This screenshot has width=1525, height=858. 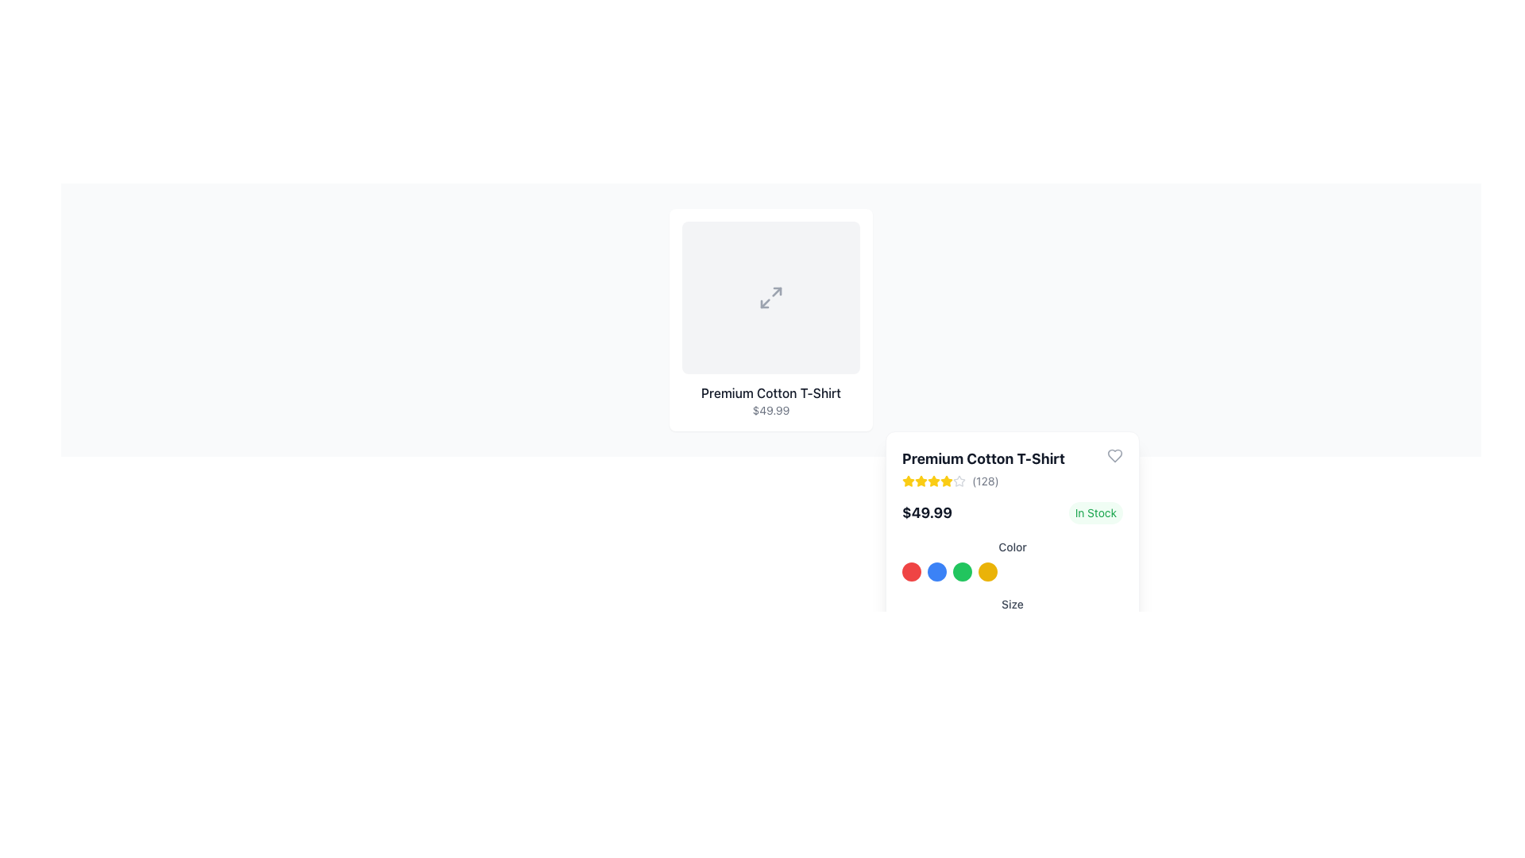 I want to click on the fourth star icon in the five-star rating system, which indicates the quality of the associated product or service, located above the text '(128)' on the product details card, so click(x=934, y=480).